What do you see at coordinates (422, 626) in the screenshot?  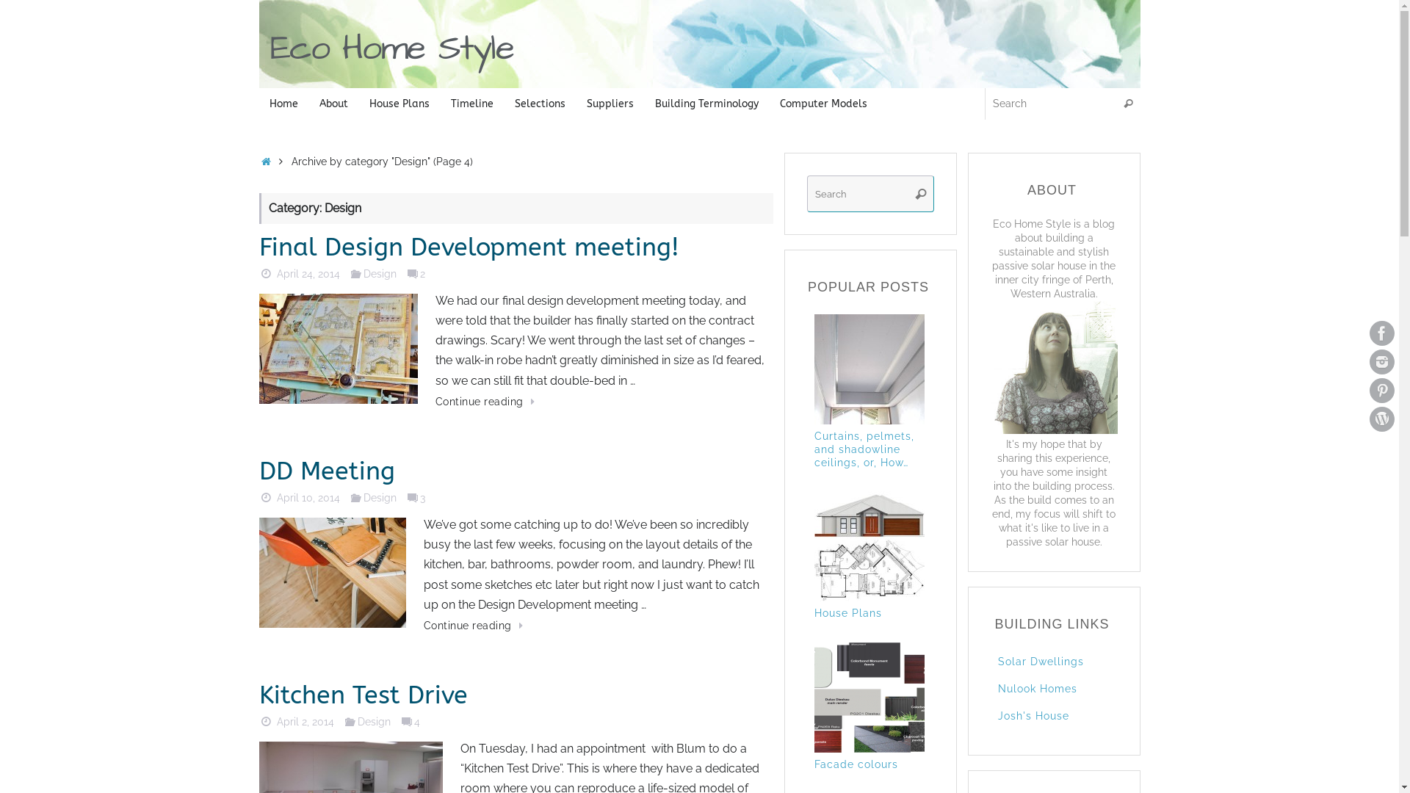 I see `'Continue reading'` at bounding box center [422, 626].